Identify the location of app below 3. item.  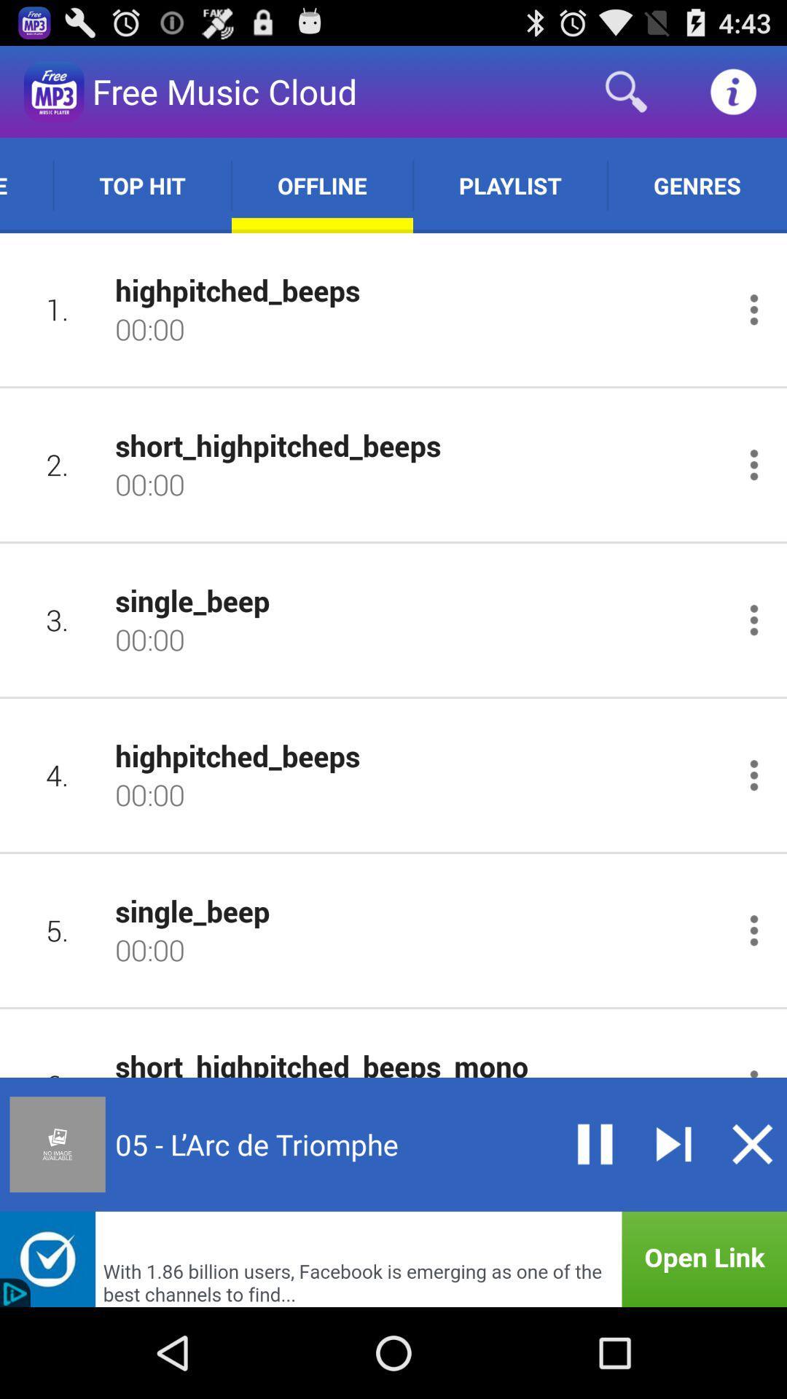
(57, 774).